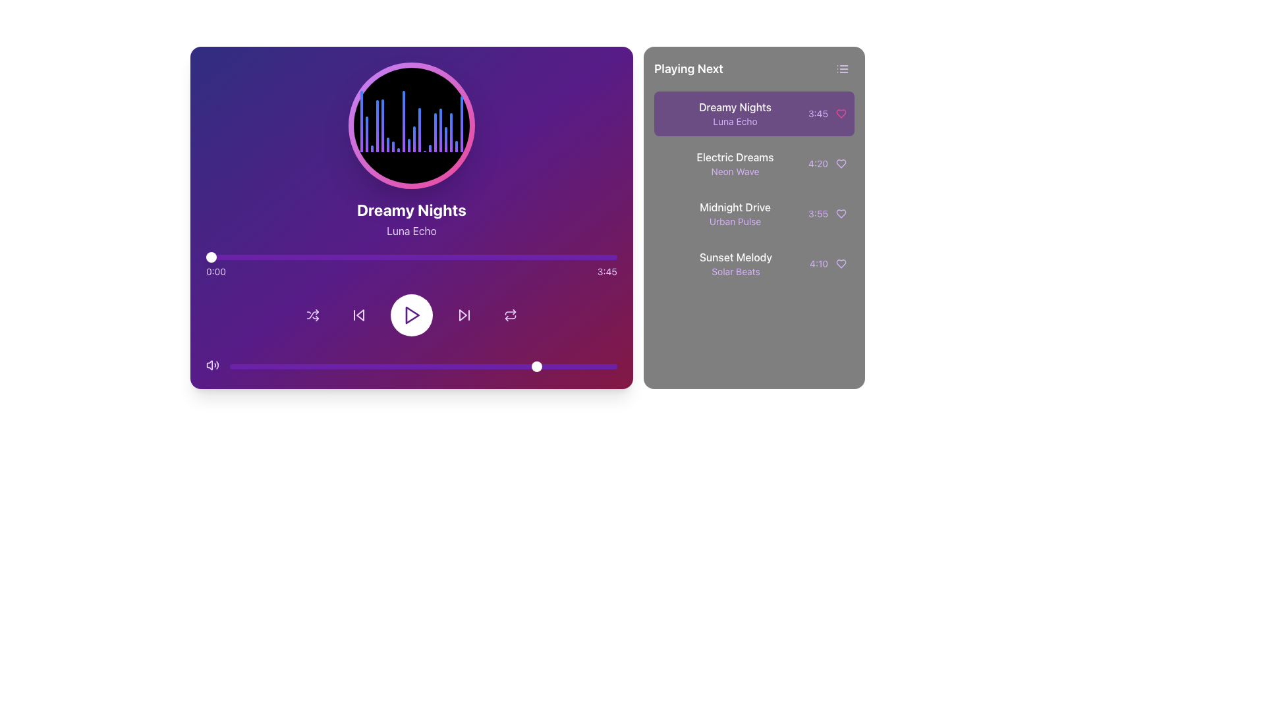  What do you see at coordinates (445, 139) in the screenshot?
I see `the seventeenth vertical bar in the bar chart, which has a gradient color transitioning from purple to blue and is rounded at the top` at bounding box center [445, 139].